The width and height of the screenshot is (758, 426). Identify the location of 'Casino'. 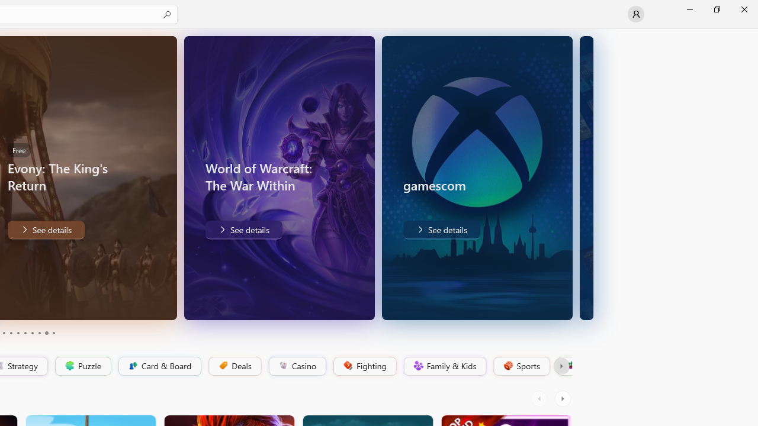
(297, 366).